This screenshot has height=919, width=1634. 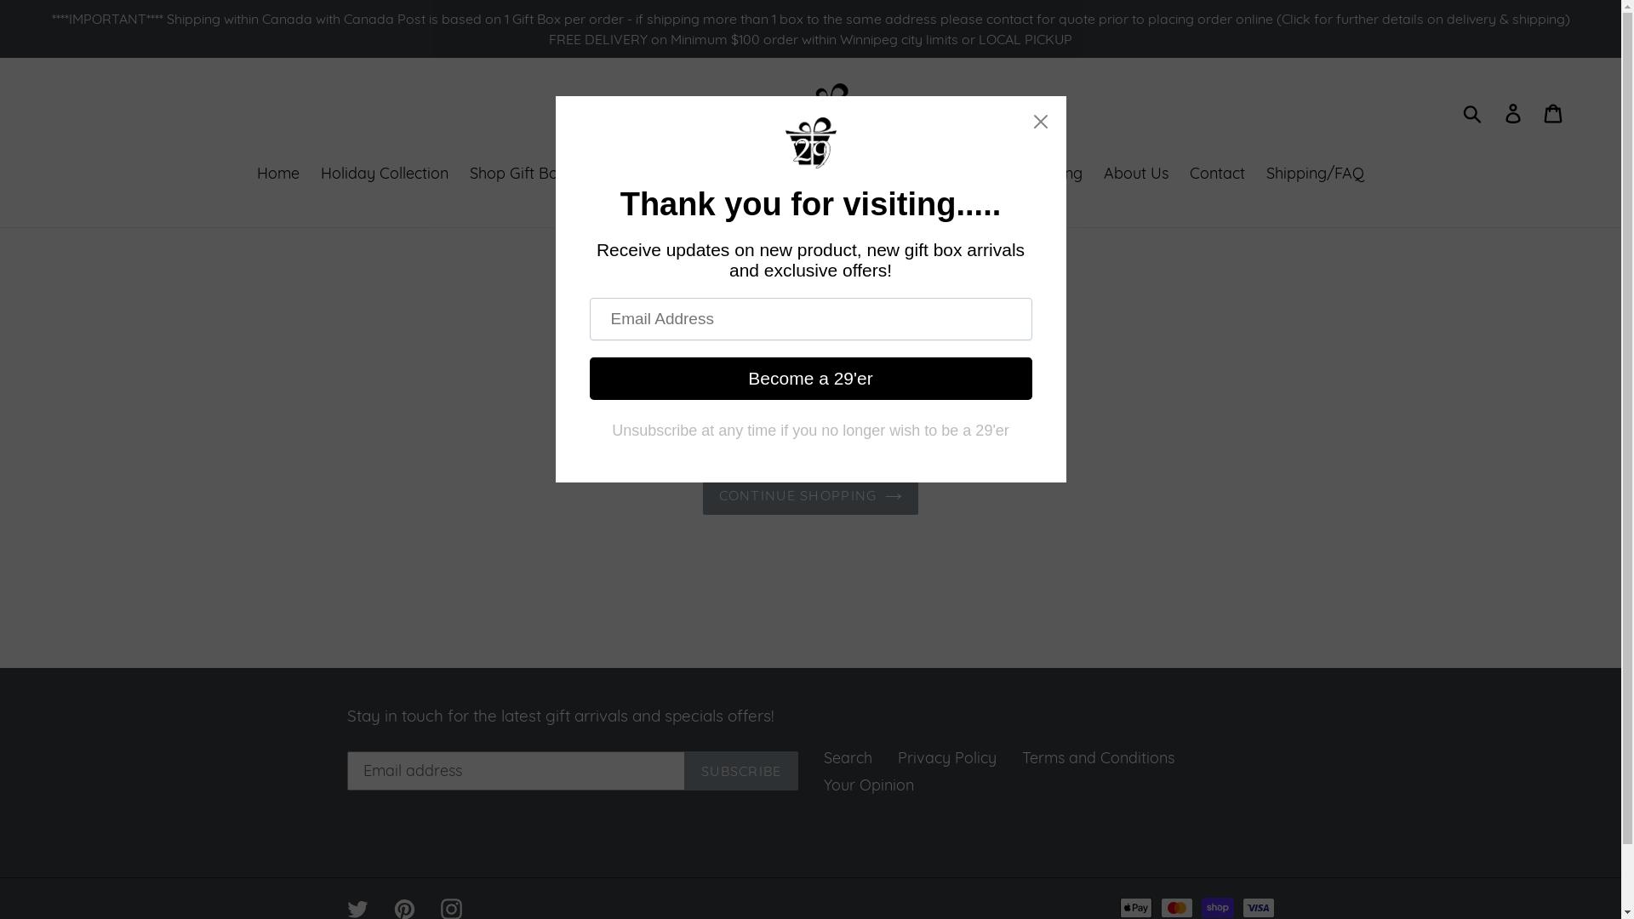 What do you see at coordinates (1554, 111) in the screenshot?
I see `'Cart'` at bounding box center [1554, 111].